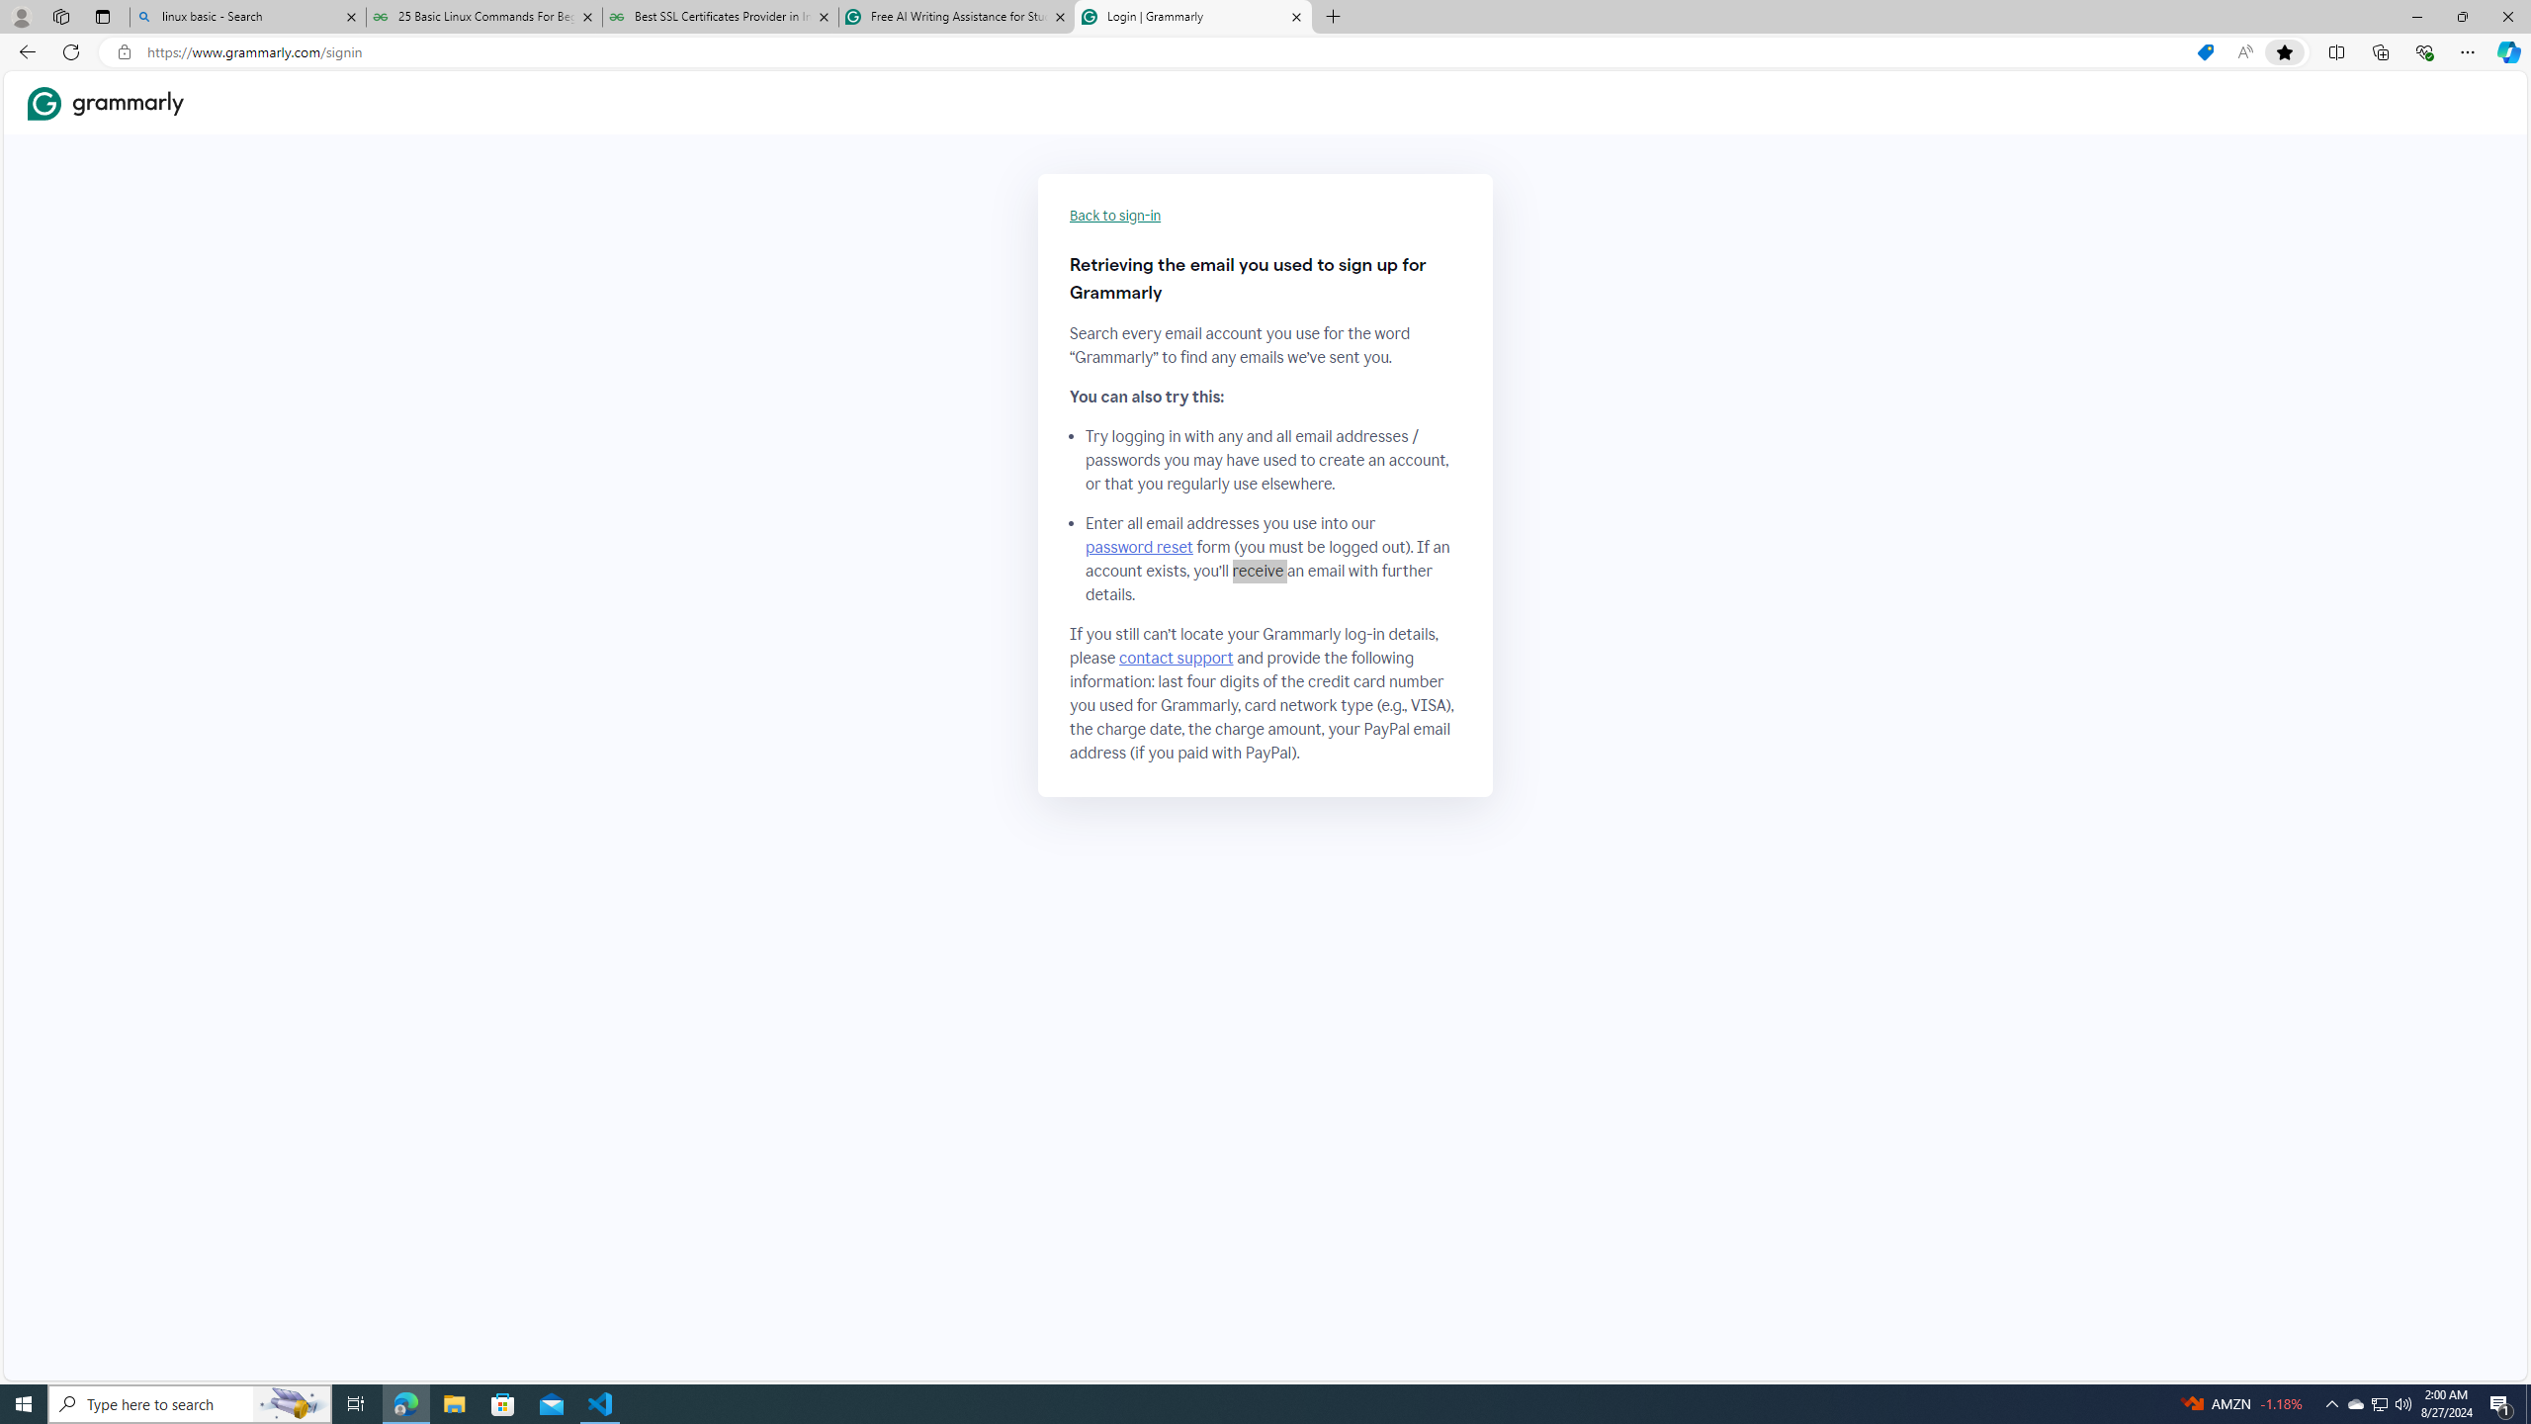  What do you see at coordinates (1138, 546) in the screenshot?
I see `'password reset'` at bounding box center [1138, 546].